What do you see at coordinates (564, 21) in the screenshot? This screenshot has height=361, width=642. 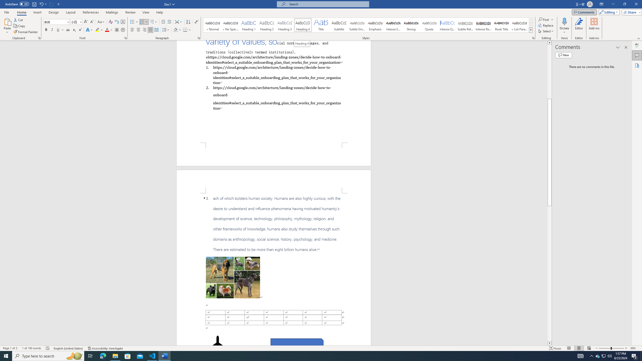 I see `'Dictate'` at bounding box center [564, 21].